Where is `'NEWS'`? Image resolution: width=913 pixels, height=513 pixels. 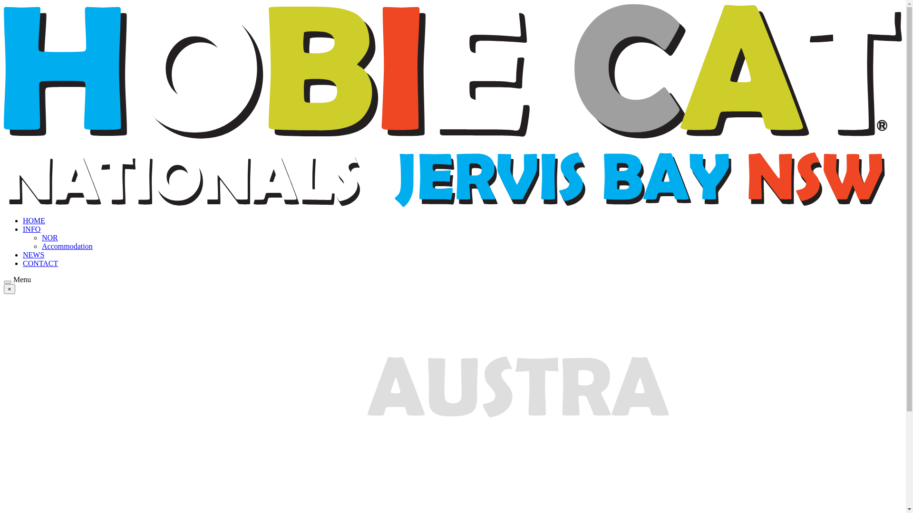 'NEWS' is located at coordinates (33, 254).